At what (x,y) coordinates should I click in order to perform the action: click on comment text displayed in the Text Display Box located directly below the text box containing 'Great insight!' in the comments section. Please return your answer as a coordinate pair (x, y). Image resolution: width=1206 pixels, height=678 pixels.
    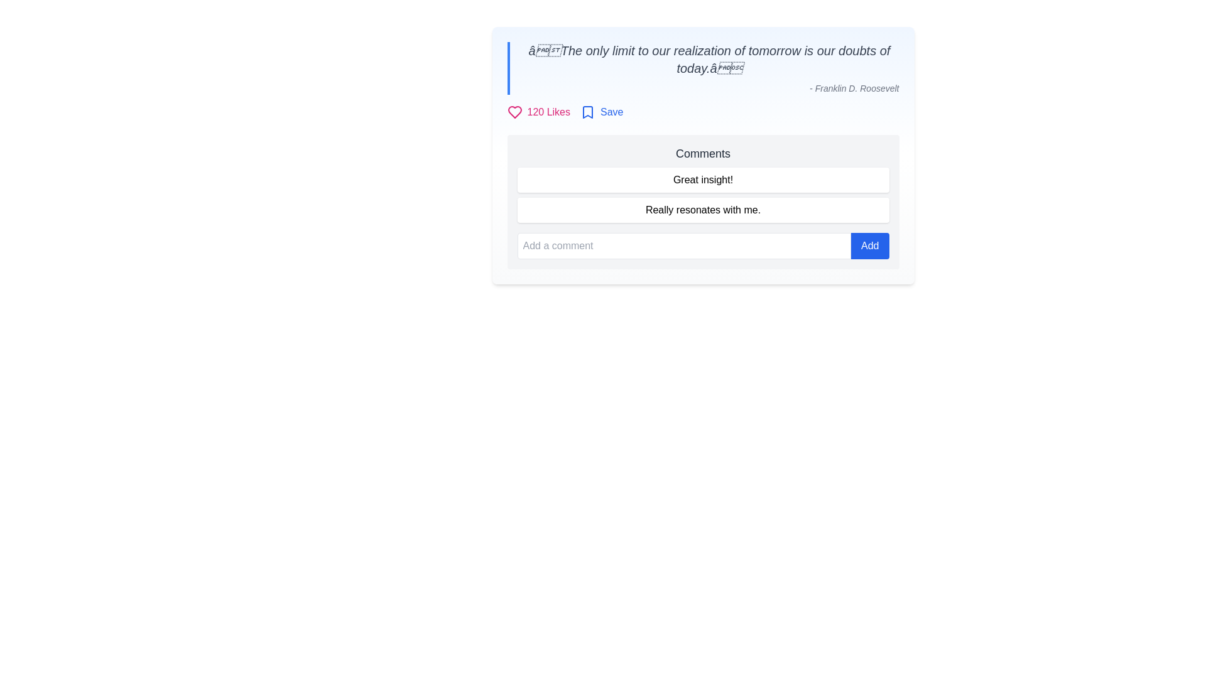
    Looking at the image, I should click on (702, 210).